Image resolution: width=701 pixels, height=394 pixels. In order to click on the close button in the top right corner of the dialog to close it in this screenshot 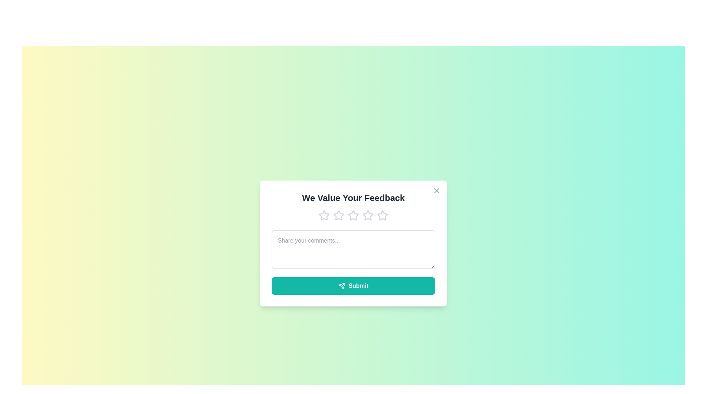, I will do `click(436, 190)`.